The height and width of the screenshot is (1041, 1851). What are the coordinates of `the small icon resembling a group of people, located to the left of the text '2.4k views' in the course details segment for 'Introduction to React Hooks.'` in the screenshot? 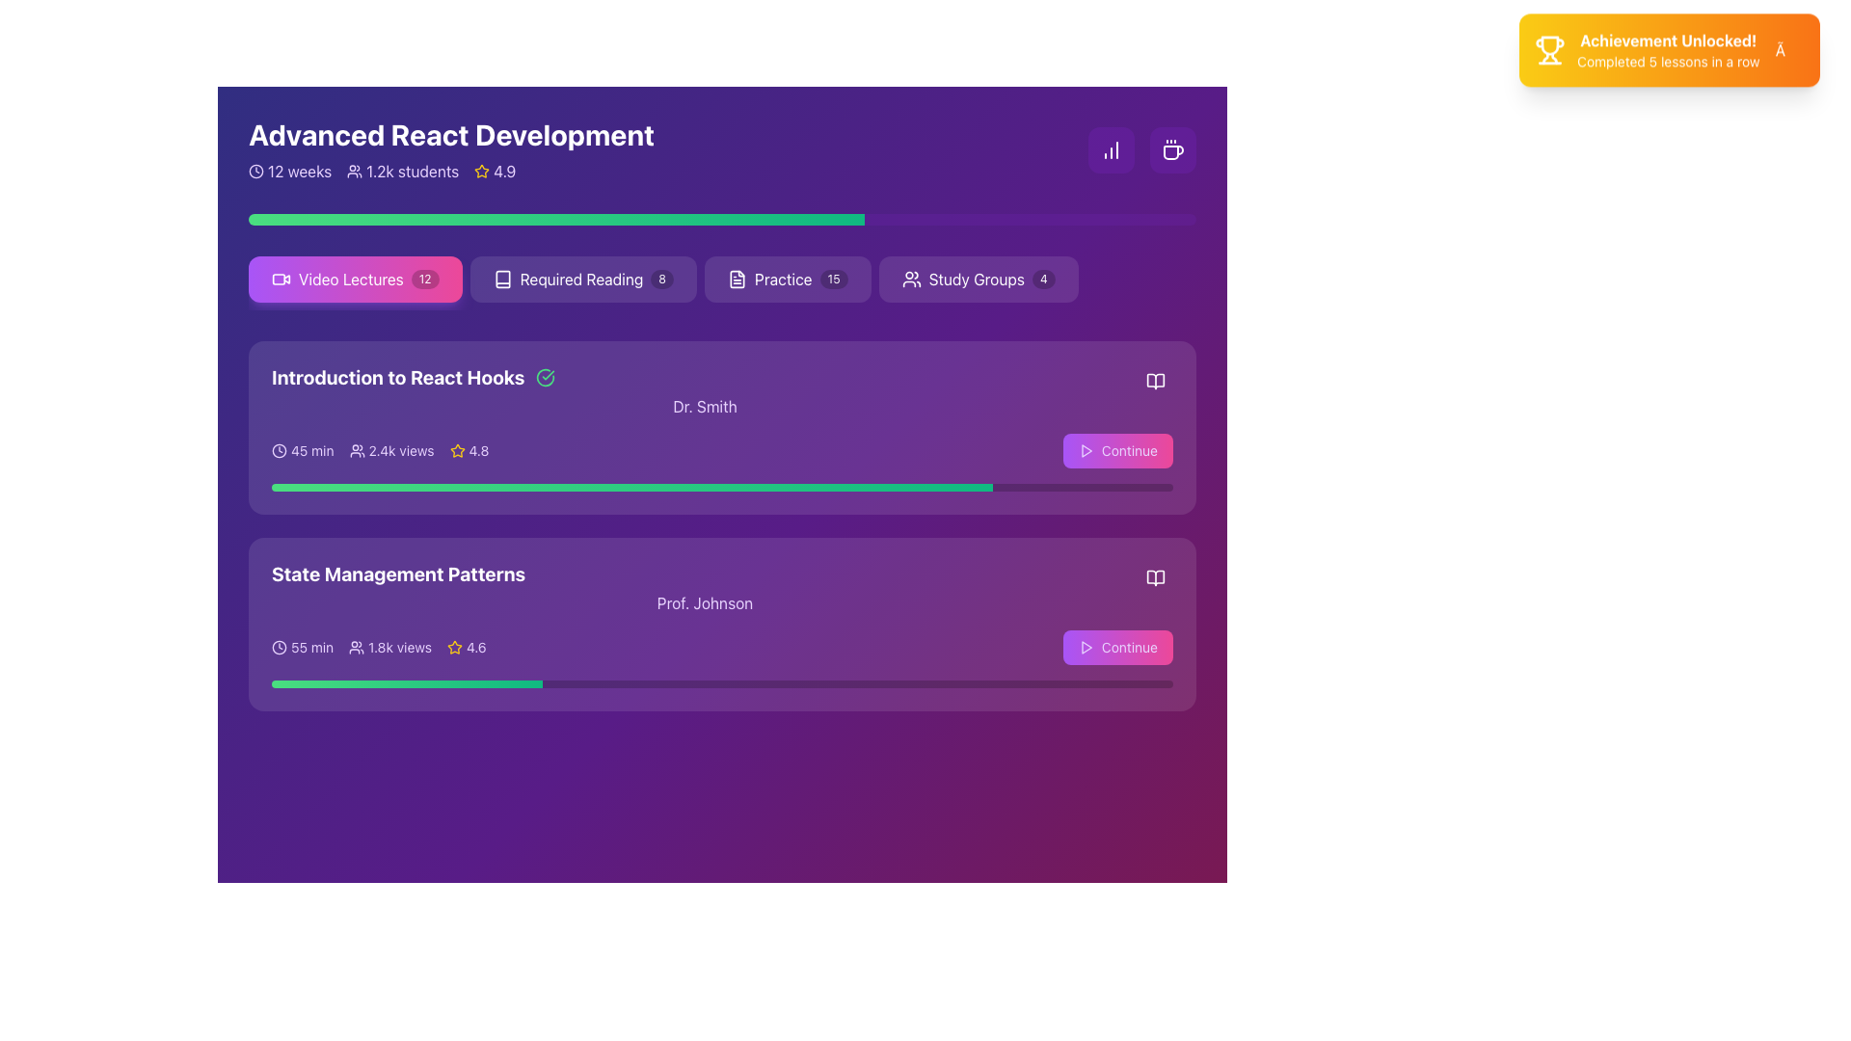 It's located at (357, 450).